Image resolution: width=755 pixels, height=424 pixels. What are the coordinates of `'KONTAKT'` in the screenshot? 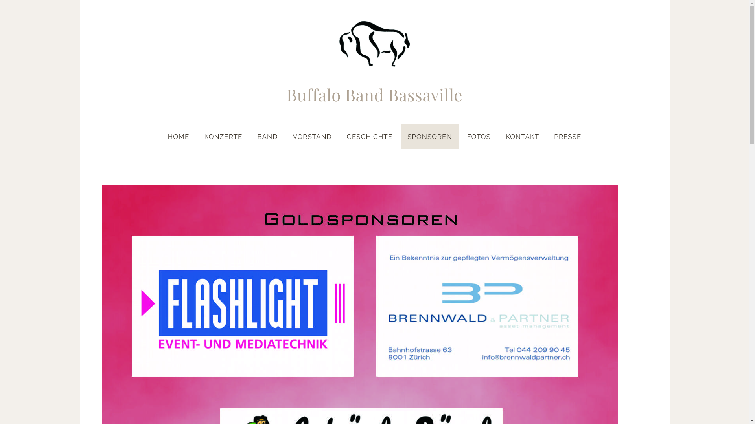 It's located at (498, 136).